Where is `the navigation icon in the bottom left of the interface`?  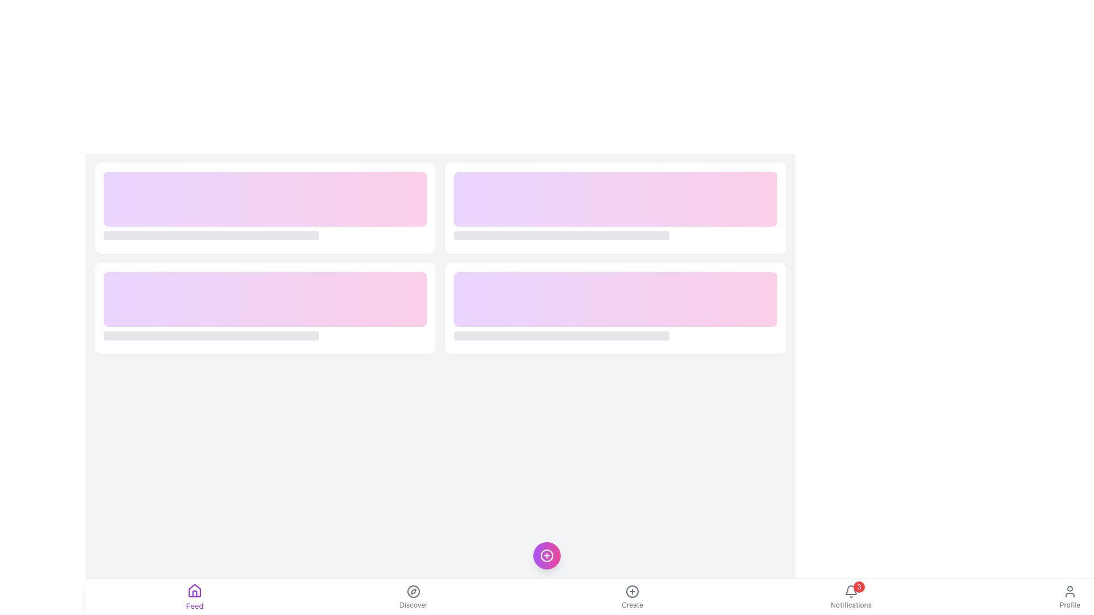 the navigation icon in the bottom left of the interface is located at coordinates (194, 590).